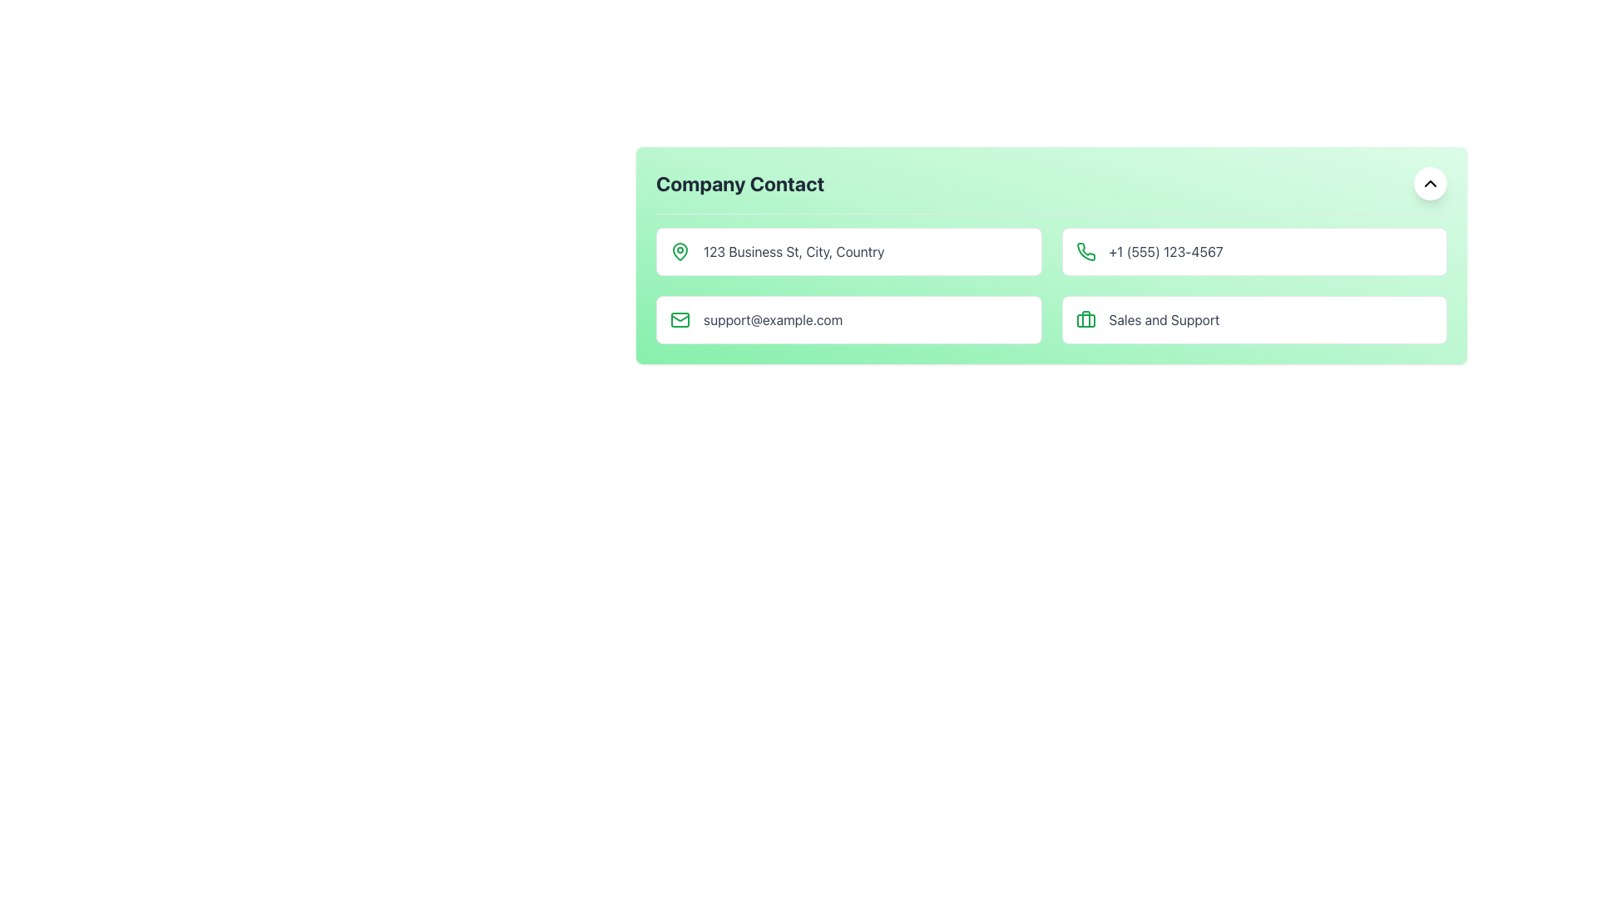 This screenshot has width=1597, height=898. What do you see at coordinates (680, 250) in the screenshot?
I see `the outer contour of the green map pin icon located to the left of the text '123 Business St, City, Country'` at bounding box center [680, 250].